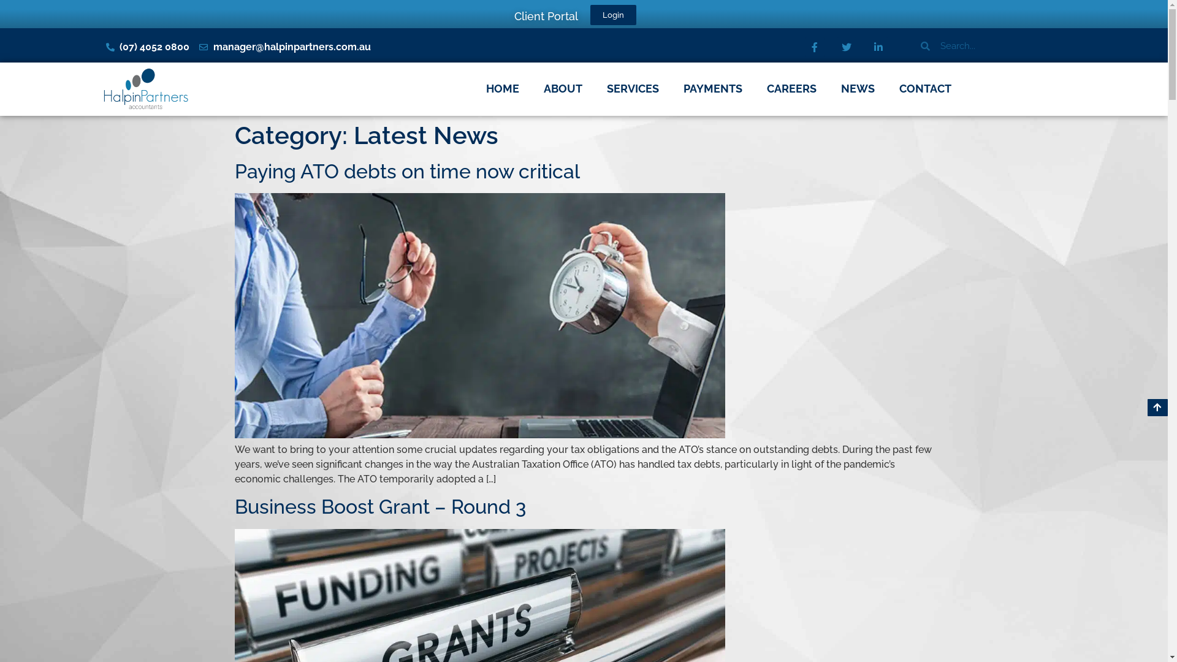  Describe the element at coordinates (612, 15) in the screenshot. I see `'Login'` at that location.